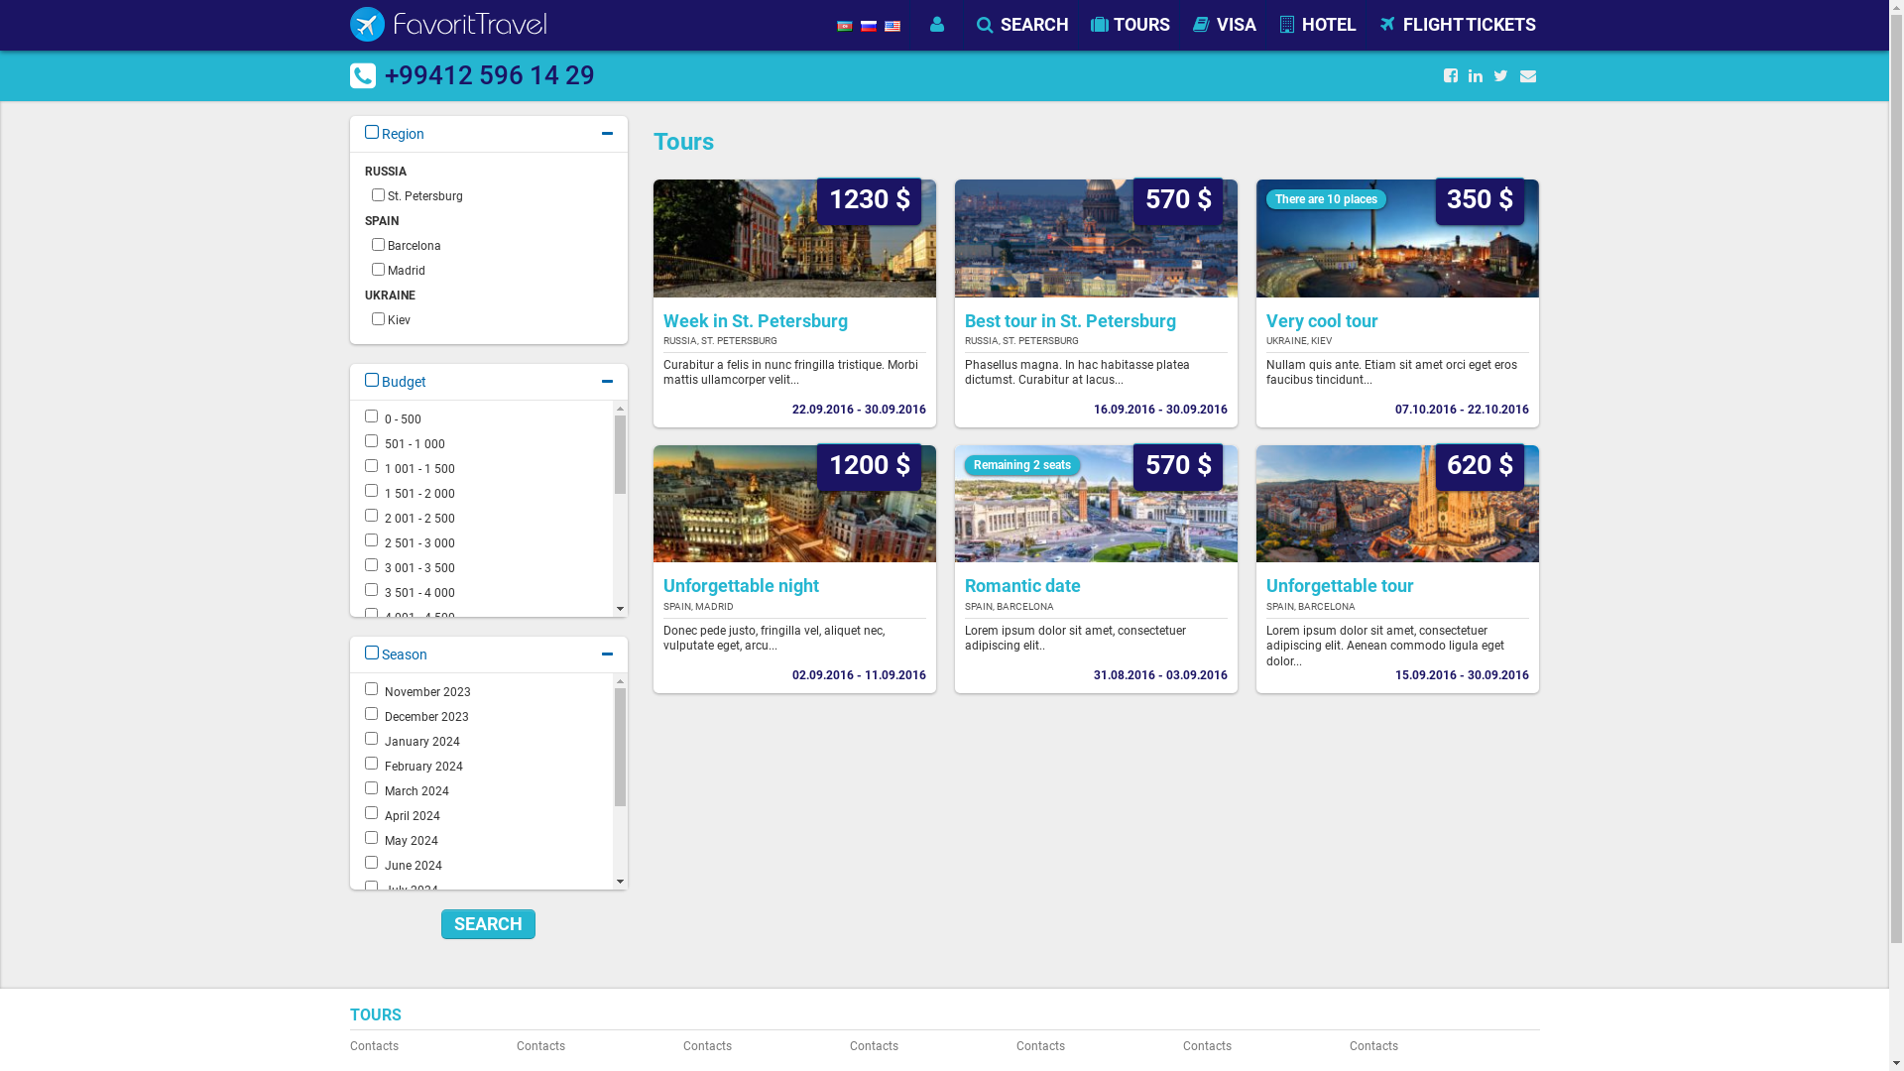 The image size is (1904, 1071). Describe the element at coordinates (1315, 24) in the screenshot. I see `'HOTEL'` at that location.